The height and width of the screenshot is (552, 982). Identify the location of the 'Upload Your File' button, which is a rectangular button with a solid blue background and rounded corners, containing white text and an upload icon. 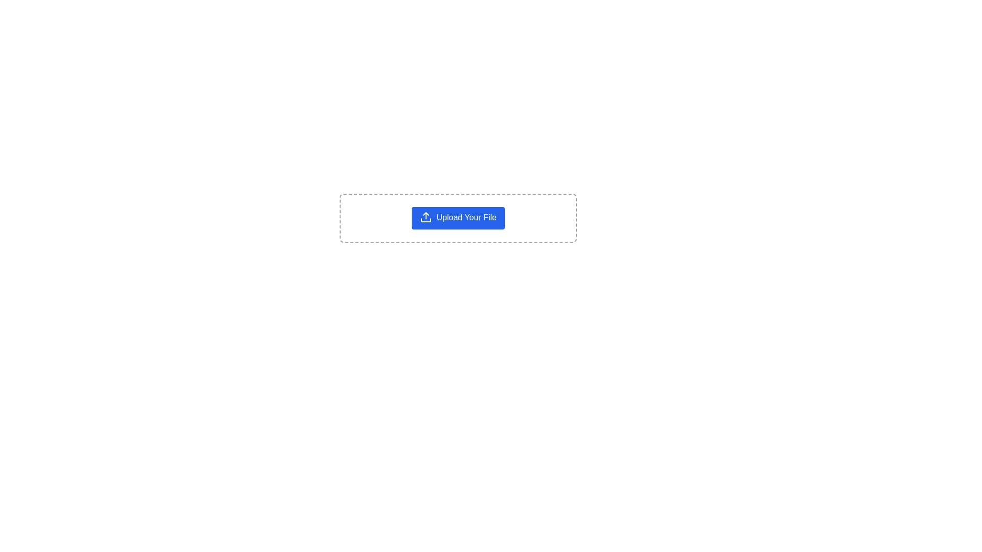
(458, 218).